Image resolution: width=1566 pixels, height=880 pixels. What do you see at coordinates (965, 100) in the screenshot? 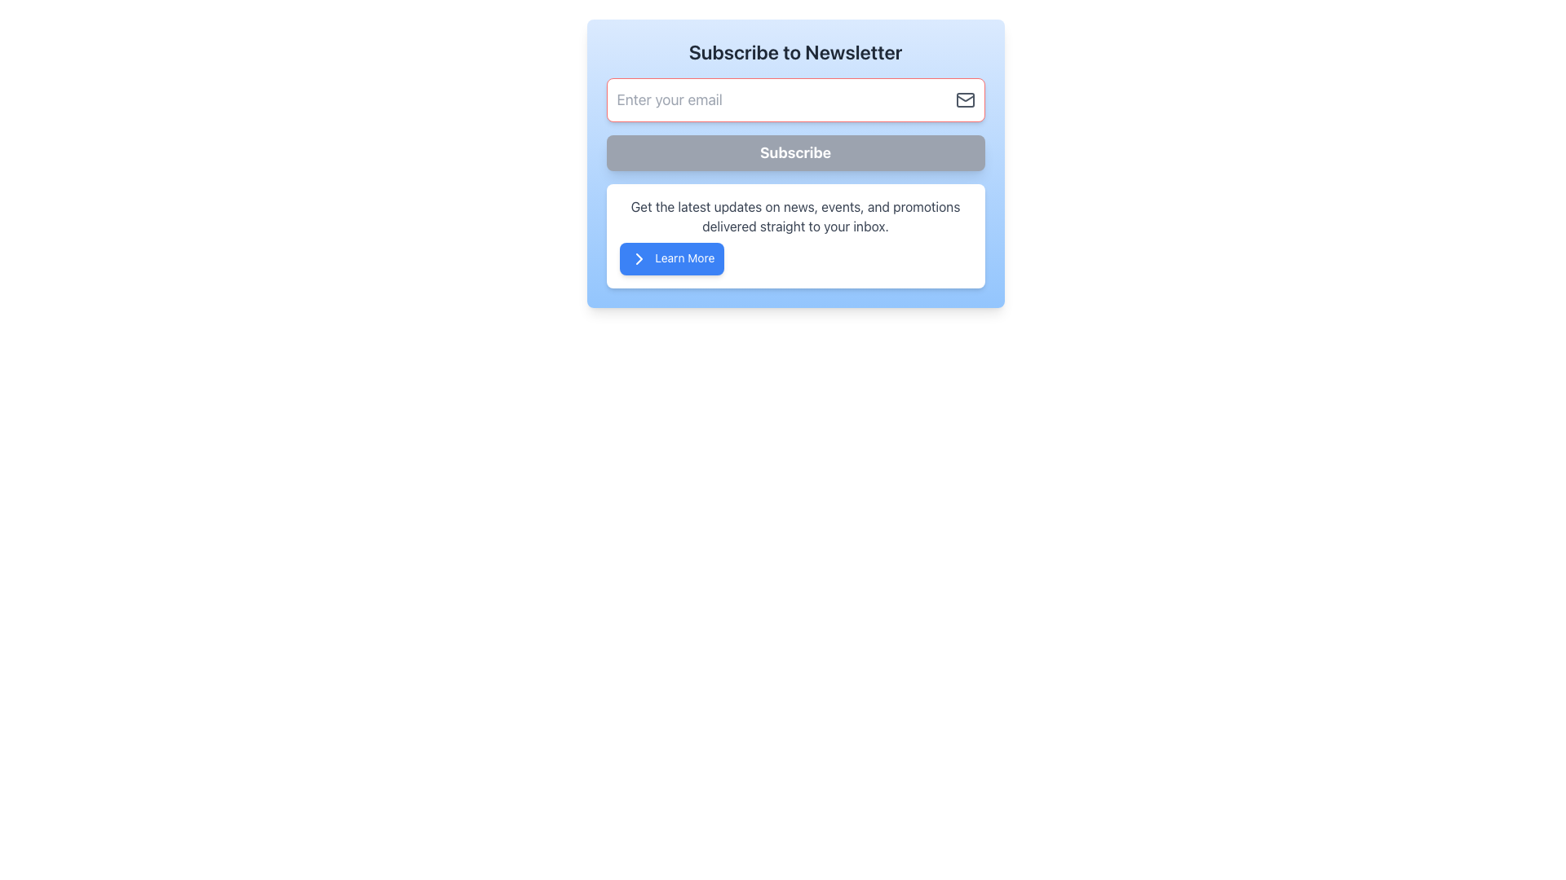
I see `the envelope icon located on the right side of the email input field in the subscription form` at bounding box center [965, 100].